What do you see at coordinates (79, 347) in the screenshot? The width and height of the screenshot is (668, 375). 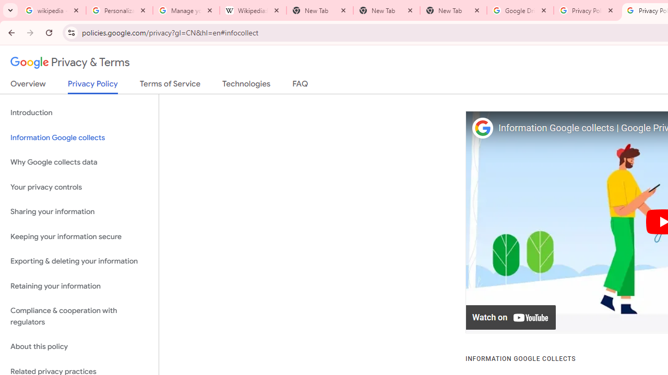 I see `'About this policy'` at bounding box center [79, 347].